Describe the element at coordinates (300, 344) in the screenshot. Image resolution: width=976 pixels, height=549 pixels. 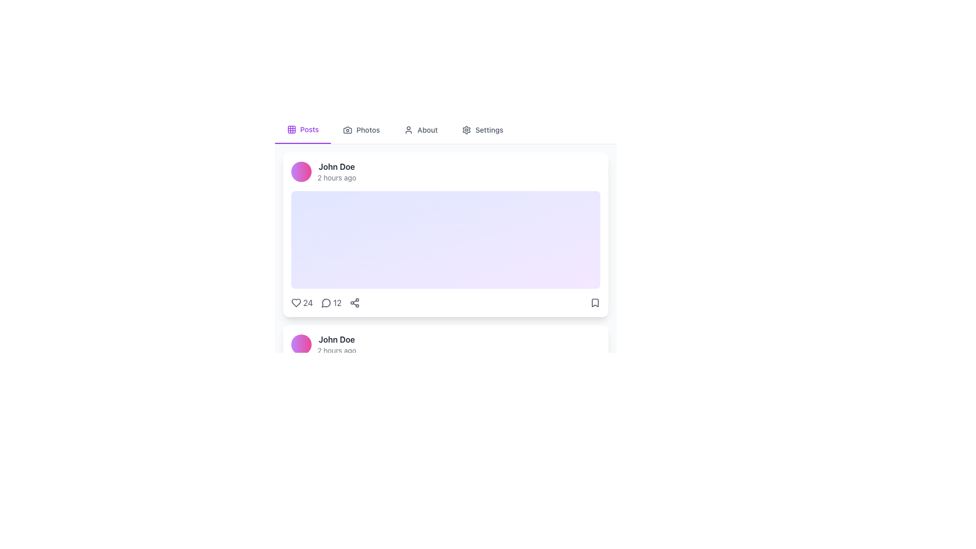
I see `the Avatar or decorative circle that serves as a visual avatar associated with user information, located to the left of the text 'John Doe' and '2 hours ago'` at that location.